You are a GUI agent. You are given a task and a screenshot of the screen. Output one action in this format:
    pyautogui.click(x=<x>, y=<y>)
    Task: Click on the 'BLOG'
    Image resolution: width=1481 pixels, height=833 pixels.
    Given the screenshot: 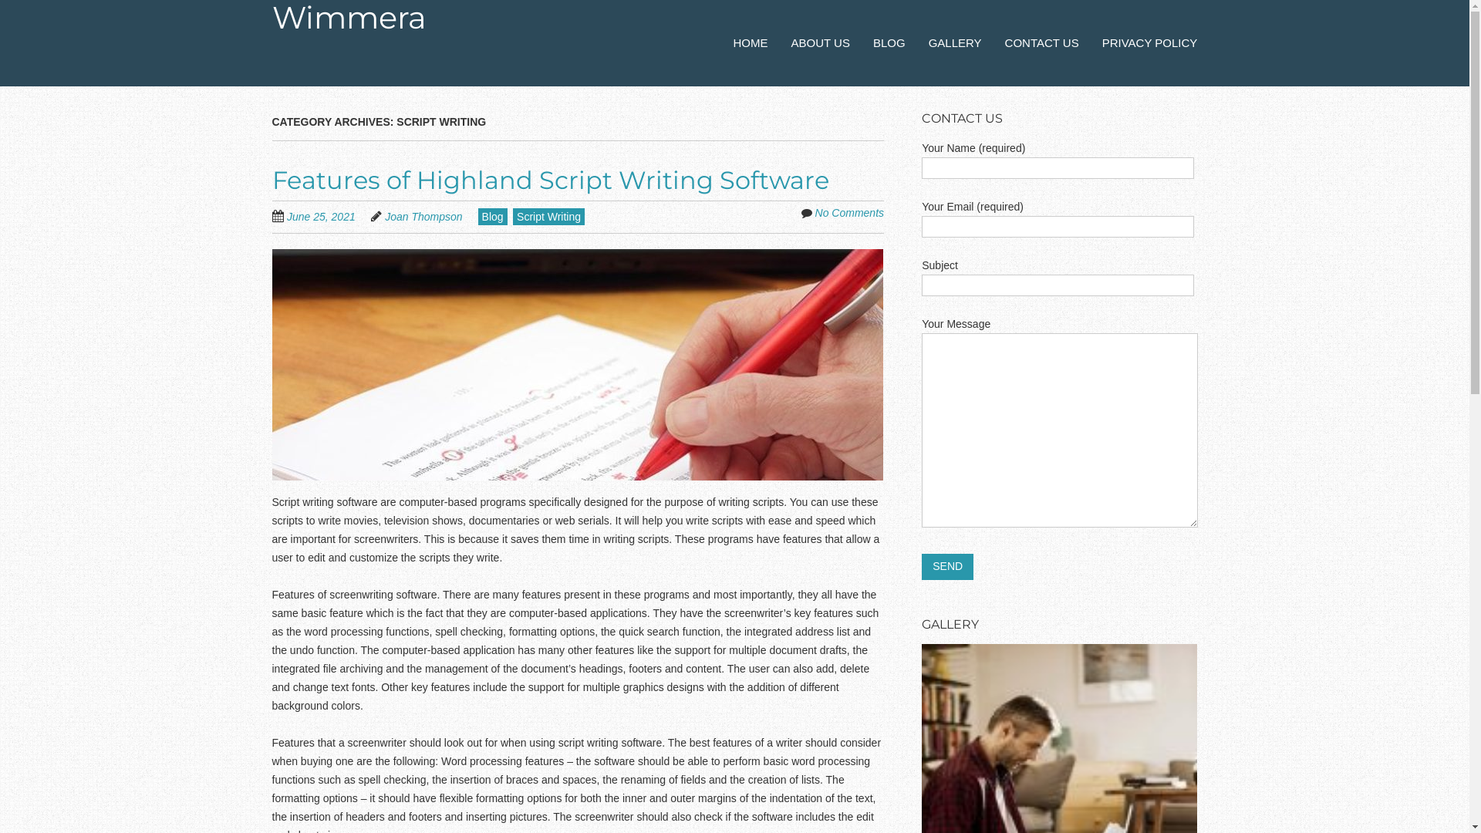 What is the action you would take?
    pyautogui.click(x=889, y=42)
    